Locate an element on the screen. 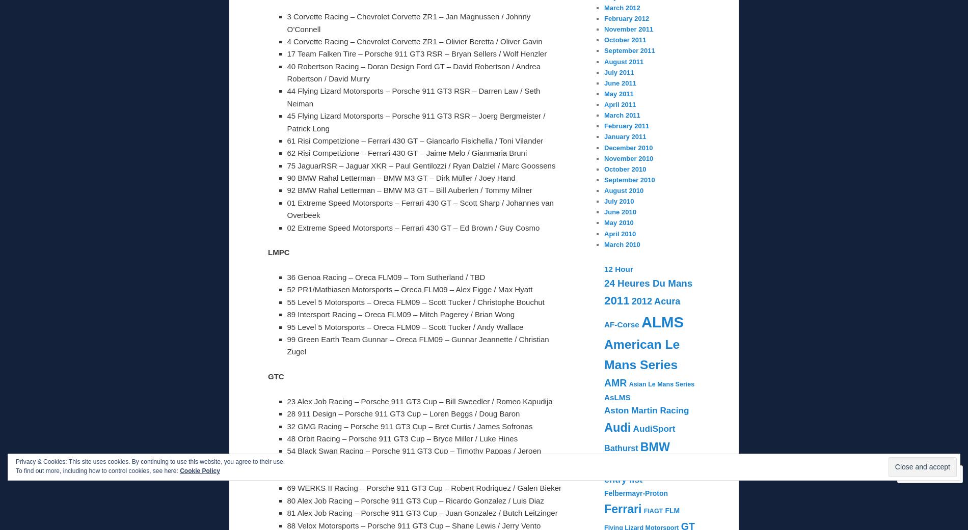 The image size is (968, 530). 'GTC' is located at coordinates (276, 376).